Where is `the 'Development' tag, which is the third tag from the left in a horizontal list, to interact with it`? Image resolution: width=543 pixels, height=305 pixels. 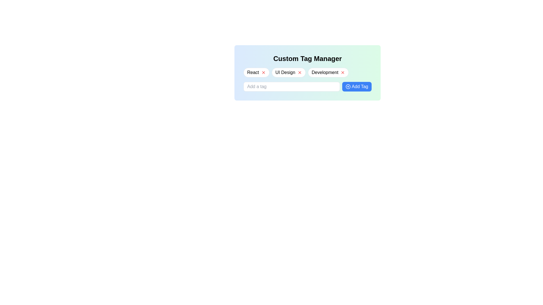
the 'Development' tag, which is the third tag from the left in a horizontal list, to interact with it is located at coordinates (328, 72).